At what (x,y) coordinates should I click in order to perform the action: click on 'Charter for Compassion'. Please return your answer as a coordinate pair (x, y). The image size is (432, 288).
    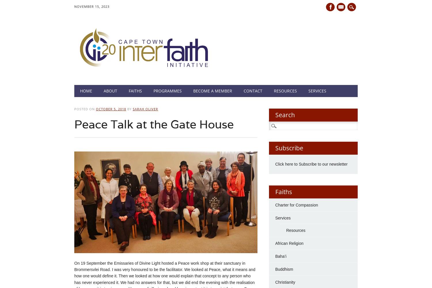
    Looking at the image, I should click on (296, 204).